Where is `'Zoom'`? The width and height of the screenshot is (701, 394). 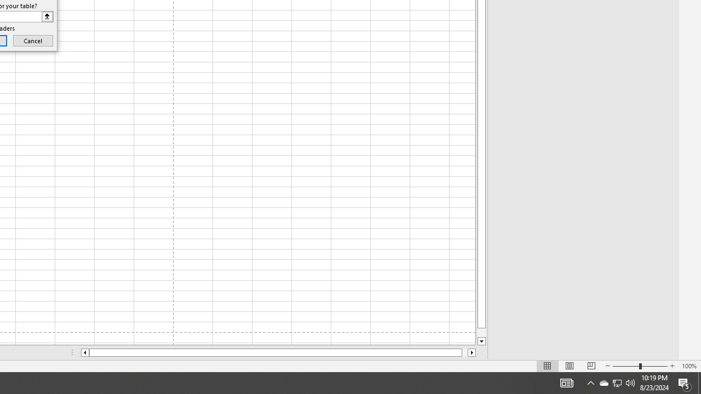 'Zoom' is located at coordinates (640, 366).